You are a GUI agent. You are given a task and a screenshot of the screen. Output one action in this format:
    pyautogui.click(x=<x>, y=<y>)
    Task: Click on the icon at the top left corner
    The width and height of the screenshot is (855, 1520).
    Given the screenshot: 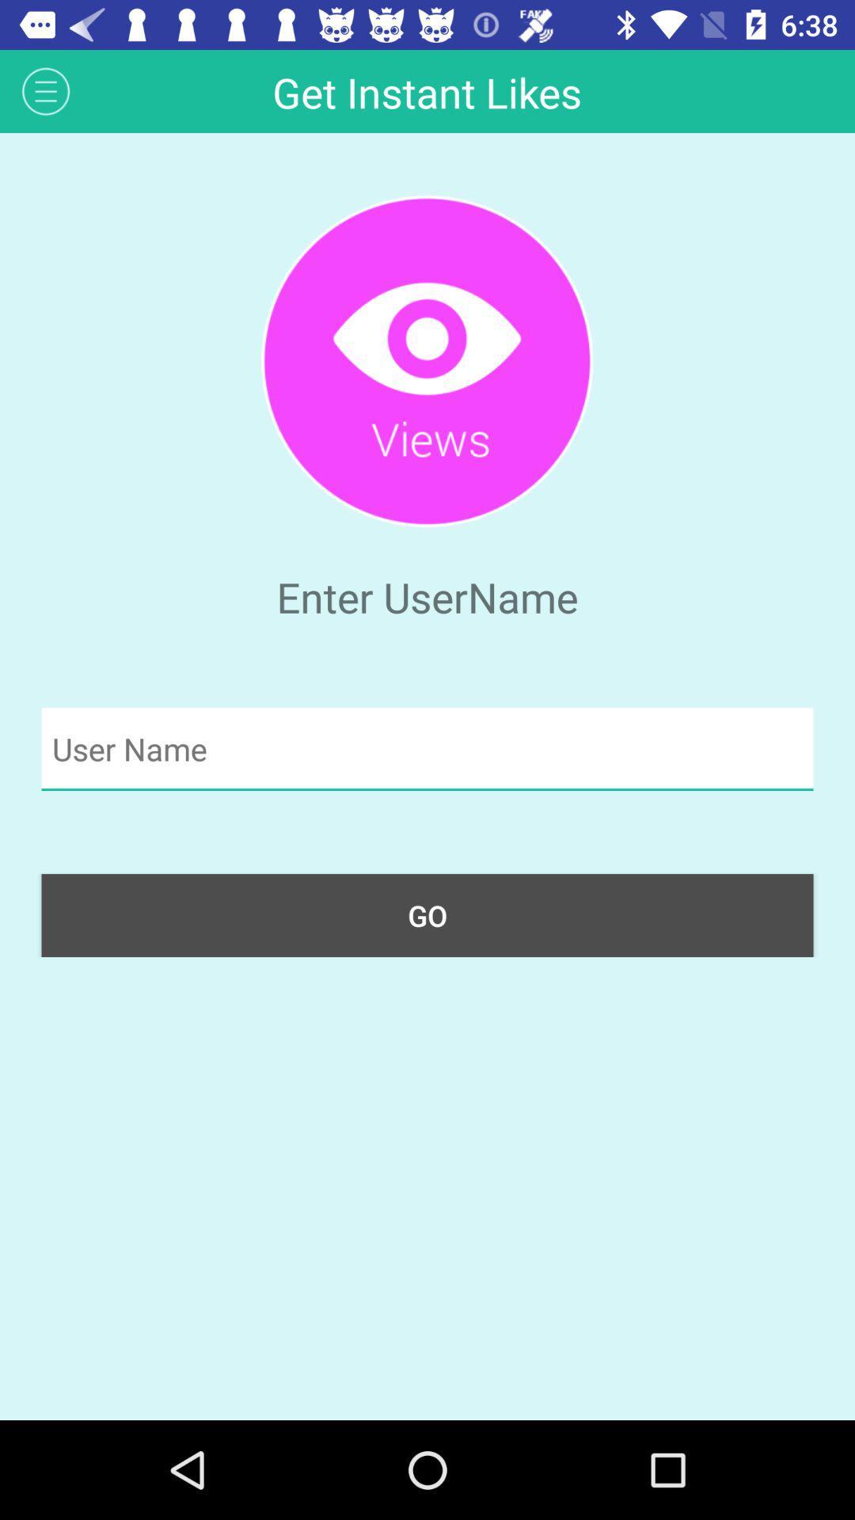 What is the action you would take?
    pyautogui.click(x=45, y=90)
    